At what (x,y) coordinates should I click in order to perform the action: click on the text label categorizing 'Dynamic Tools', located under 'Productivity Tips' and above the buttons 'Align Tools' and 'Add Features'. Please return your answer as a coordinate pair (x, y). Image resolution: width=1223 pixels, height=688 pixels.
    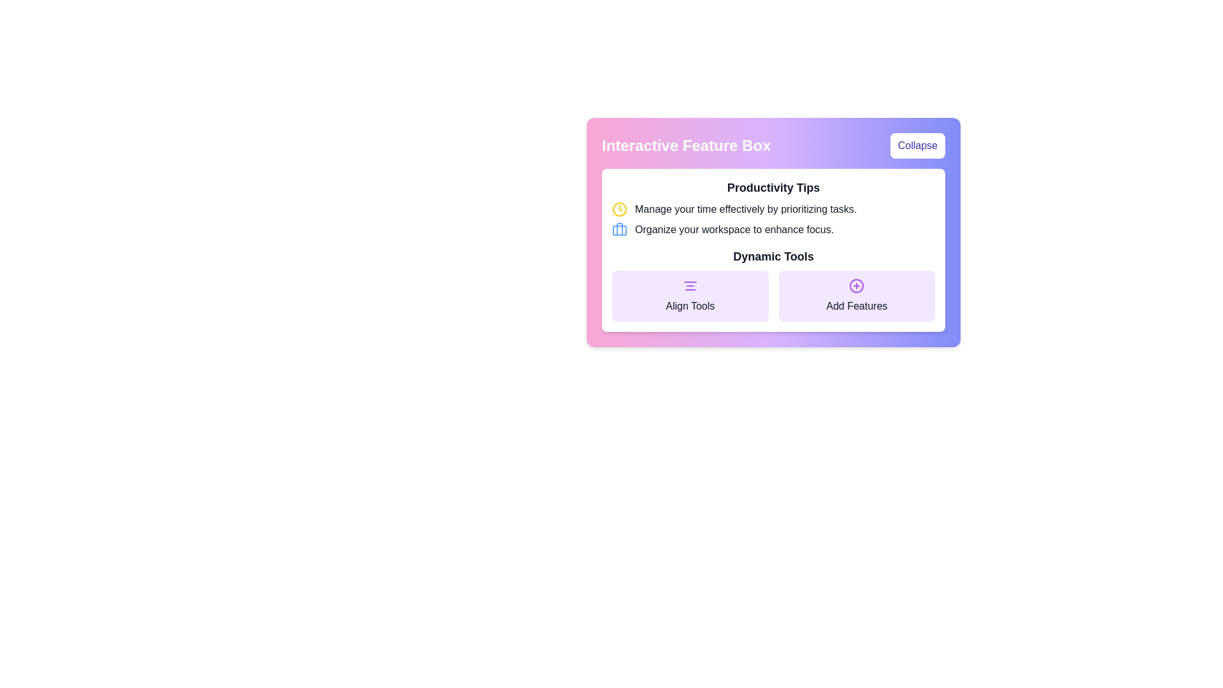
    Looking at the image, I should click on (773, 256).